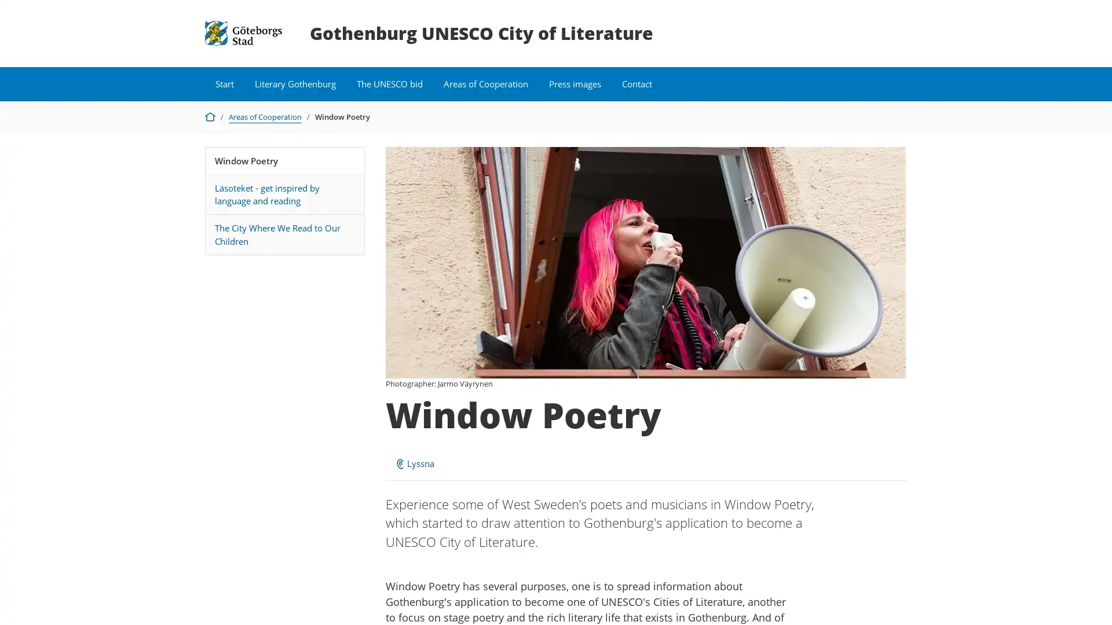  I want to click on ReadSpeaker webReader: Lyssna med webReader, so click(414, 463).